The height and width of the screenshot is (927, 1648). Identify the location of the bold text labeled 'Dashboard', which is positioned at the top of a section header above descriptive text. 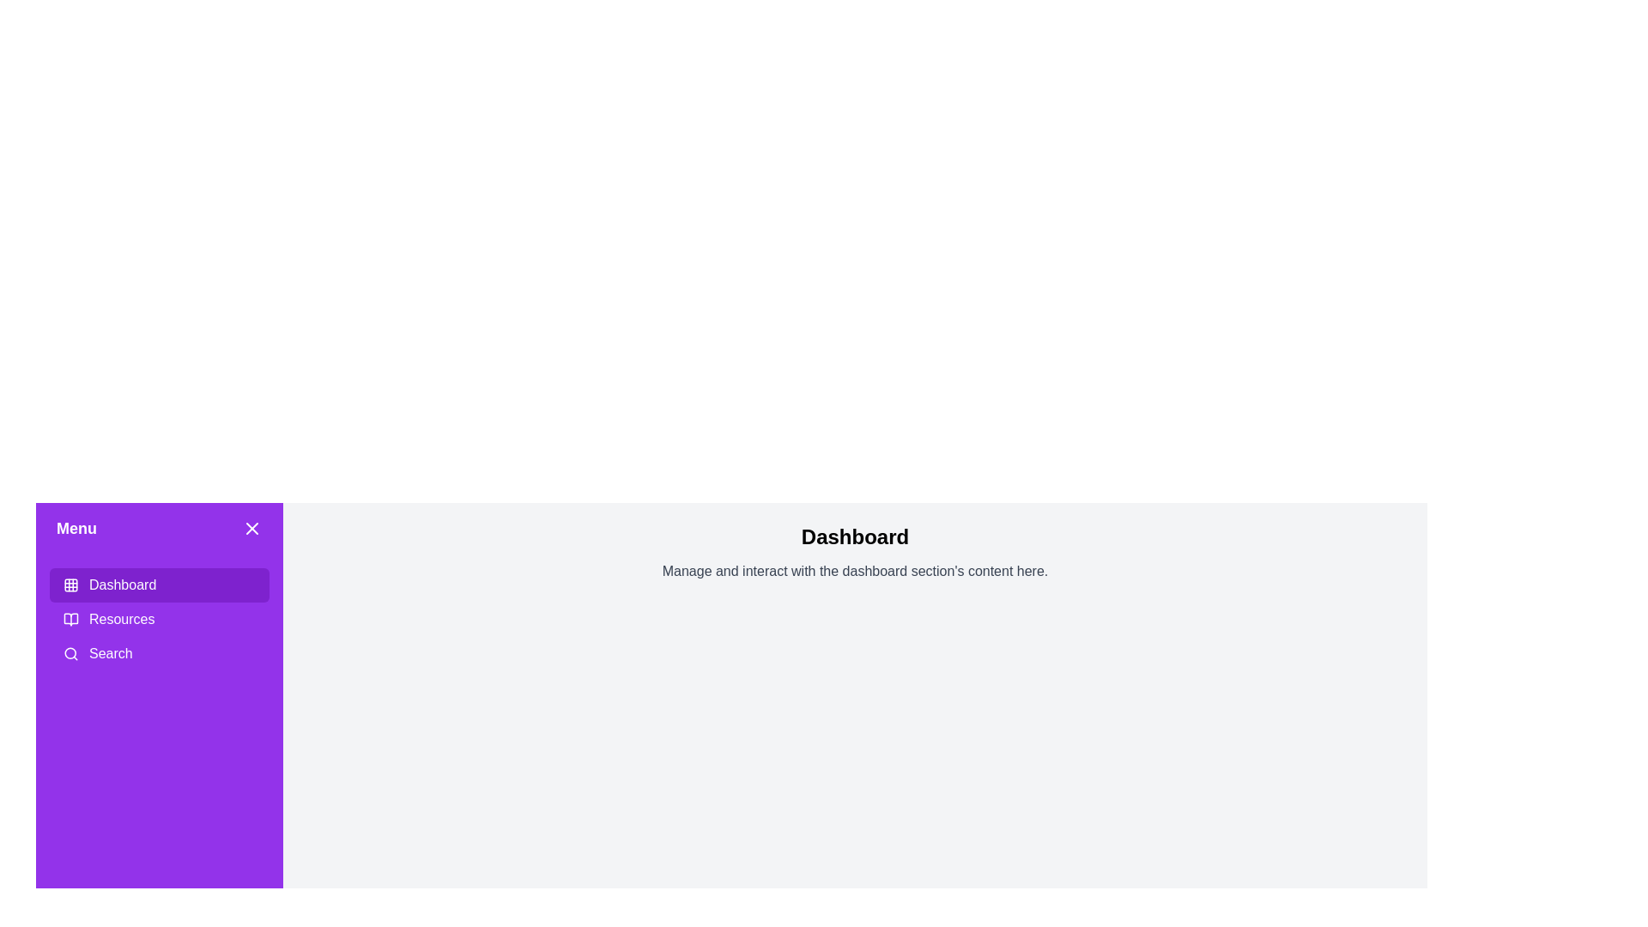
(855, 536).